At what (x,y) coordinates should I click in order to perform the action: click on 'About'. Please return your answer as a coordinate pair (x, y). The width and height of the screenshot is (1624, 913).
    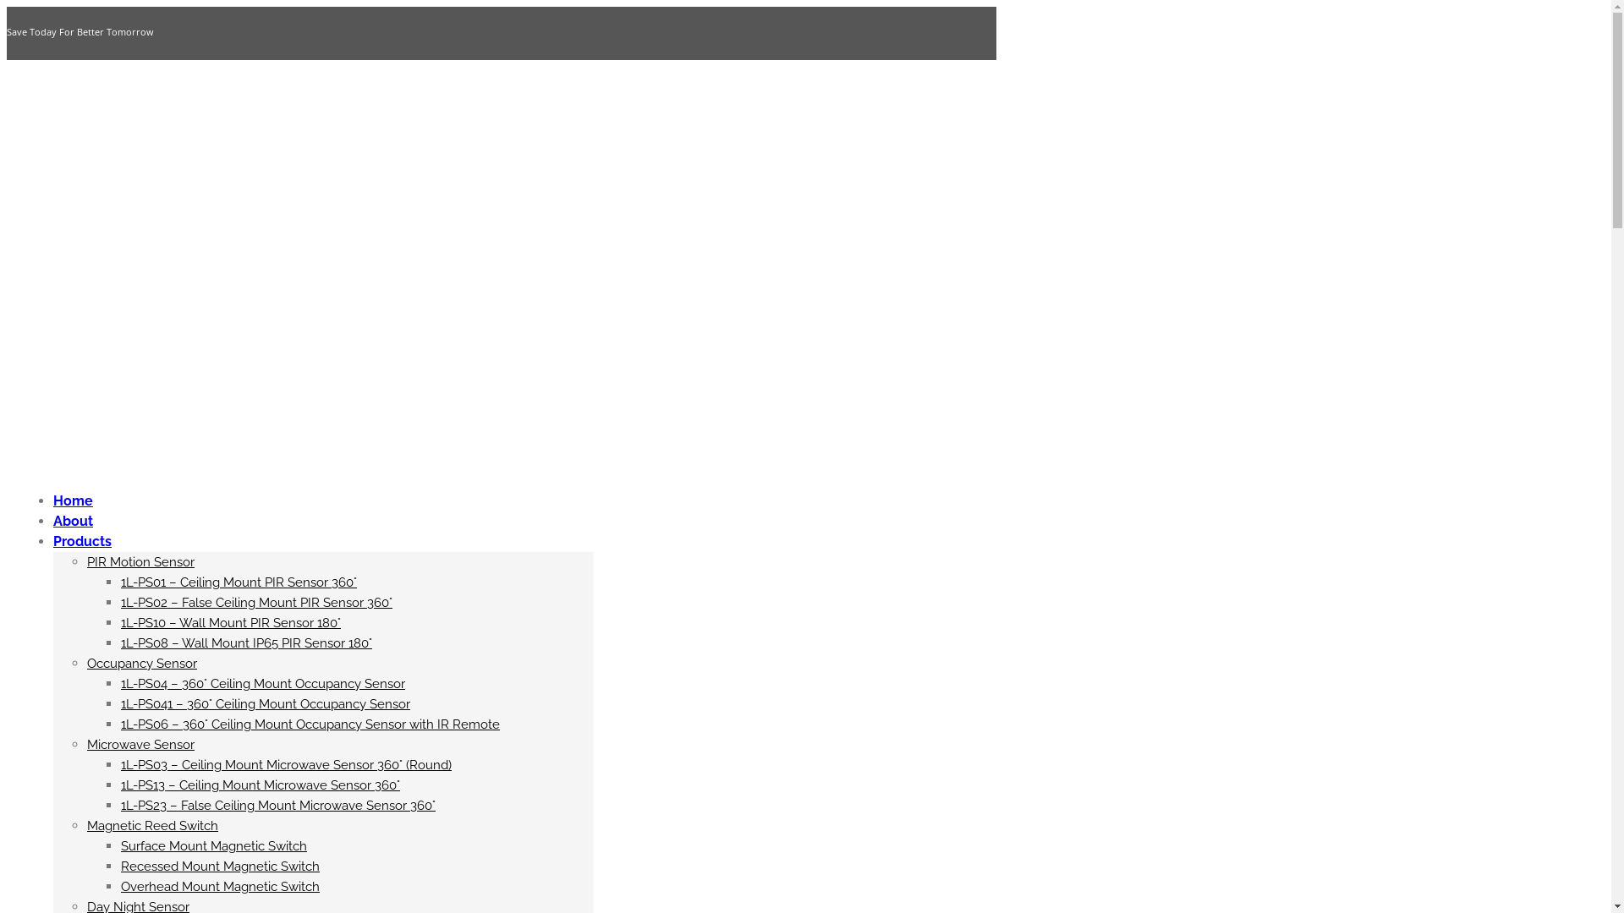
    Looking at the image, I should click on (72, 520).